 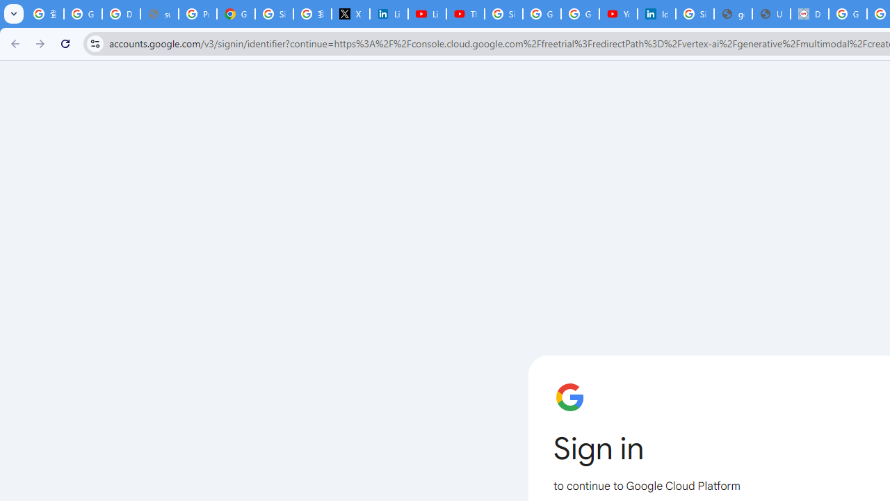 What do you see at coordinates (350, 14) in the screenshot?
I see `'X'` at bounding box center [350, 14].